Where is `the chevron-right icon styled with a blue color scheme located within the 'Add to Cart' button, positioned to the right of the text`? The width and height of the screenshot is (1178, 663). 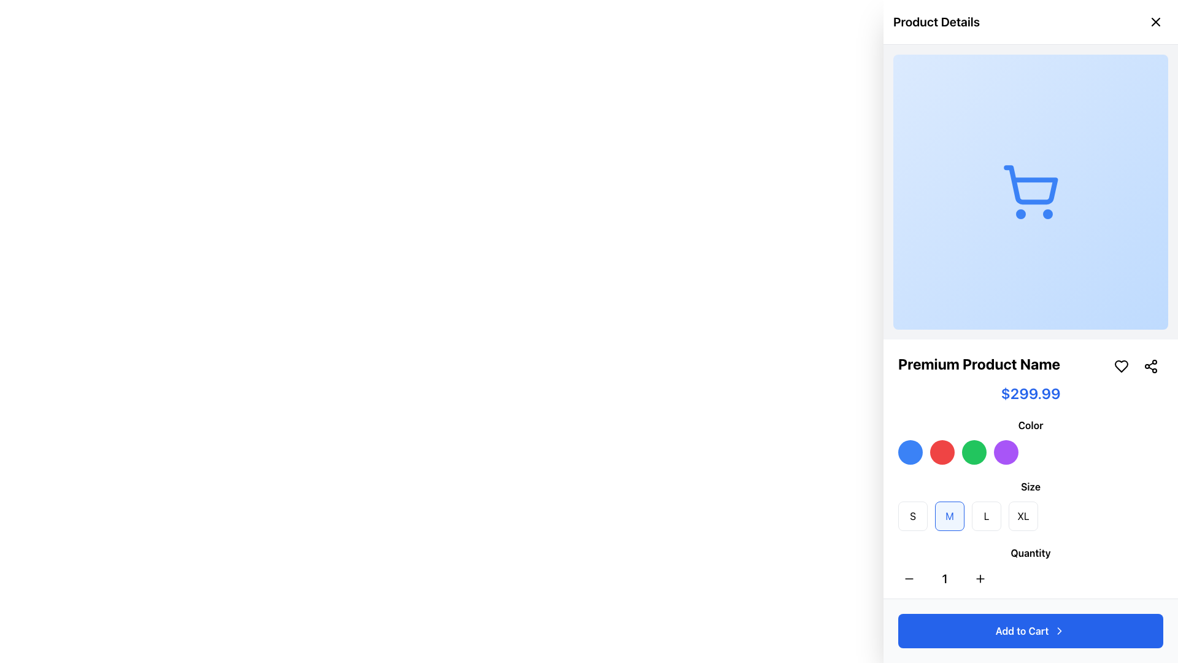
the chevron-right icon styled with a blue color scheme located within the 'Add to Cart' button, positioned to the right of the text is located at coordinates (1059, 631).